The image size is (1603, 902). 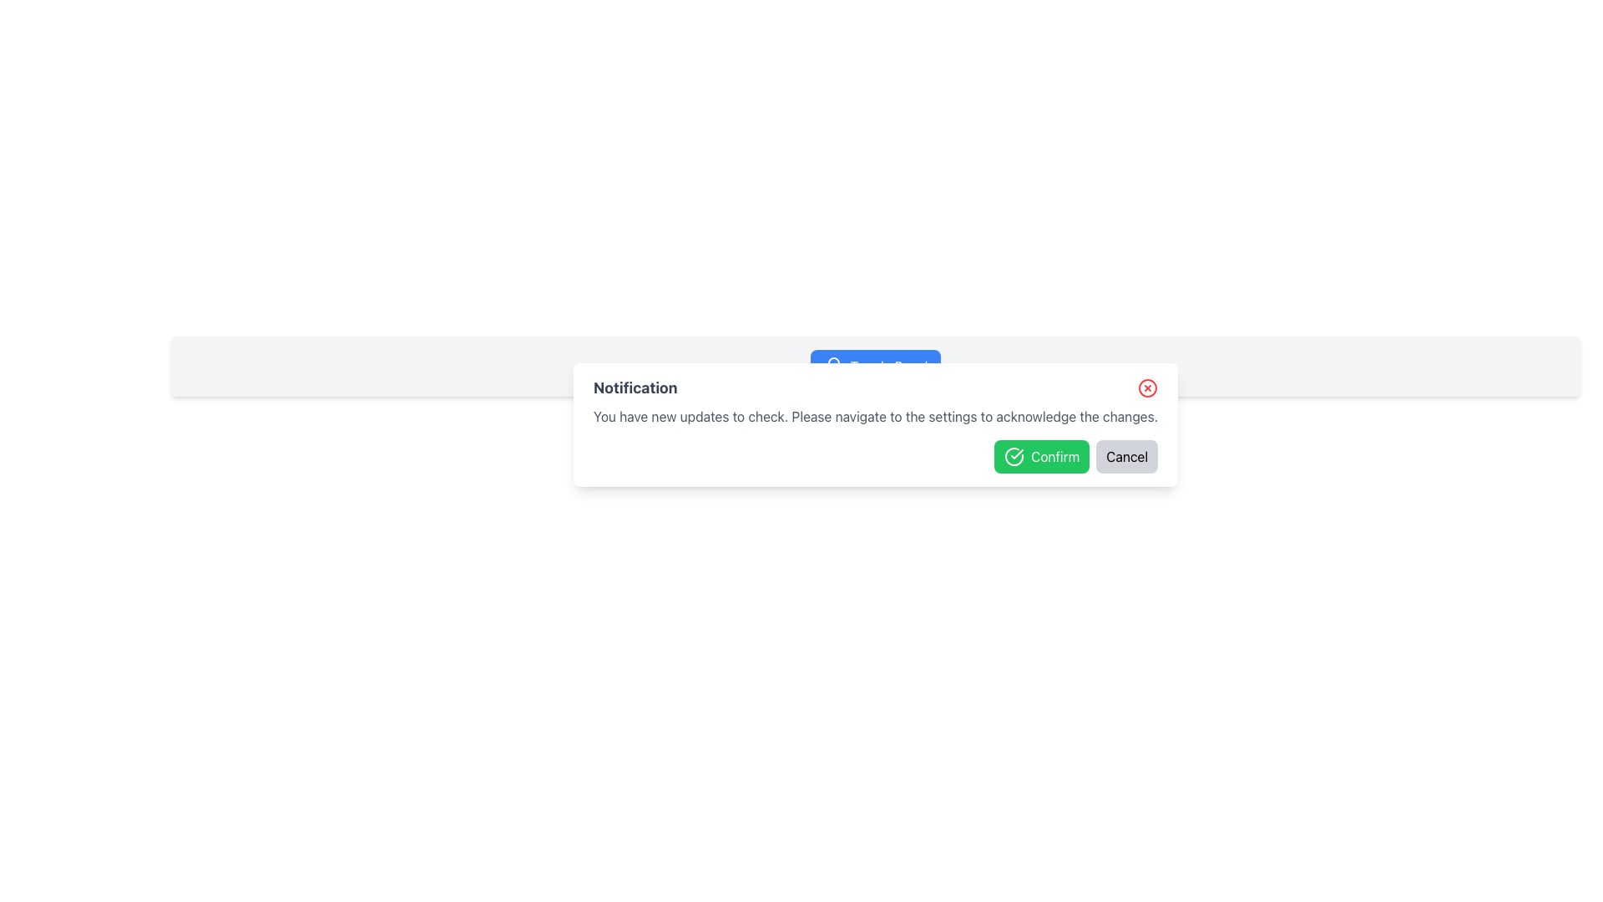 I want to click on static text content that informs the user about new updates, located in the notification dialog box below the 'Notification' title, so click(x=875, y=415).